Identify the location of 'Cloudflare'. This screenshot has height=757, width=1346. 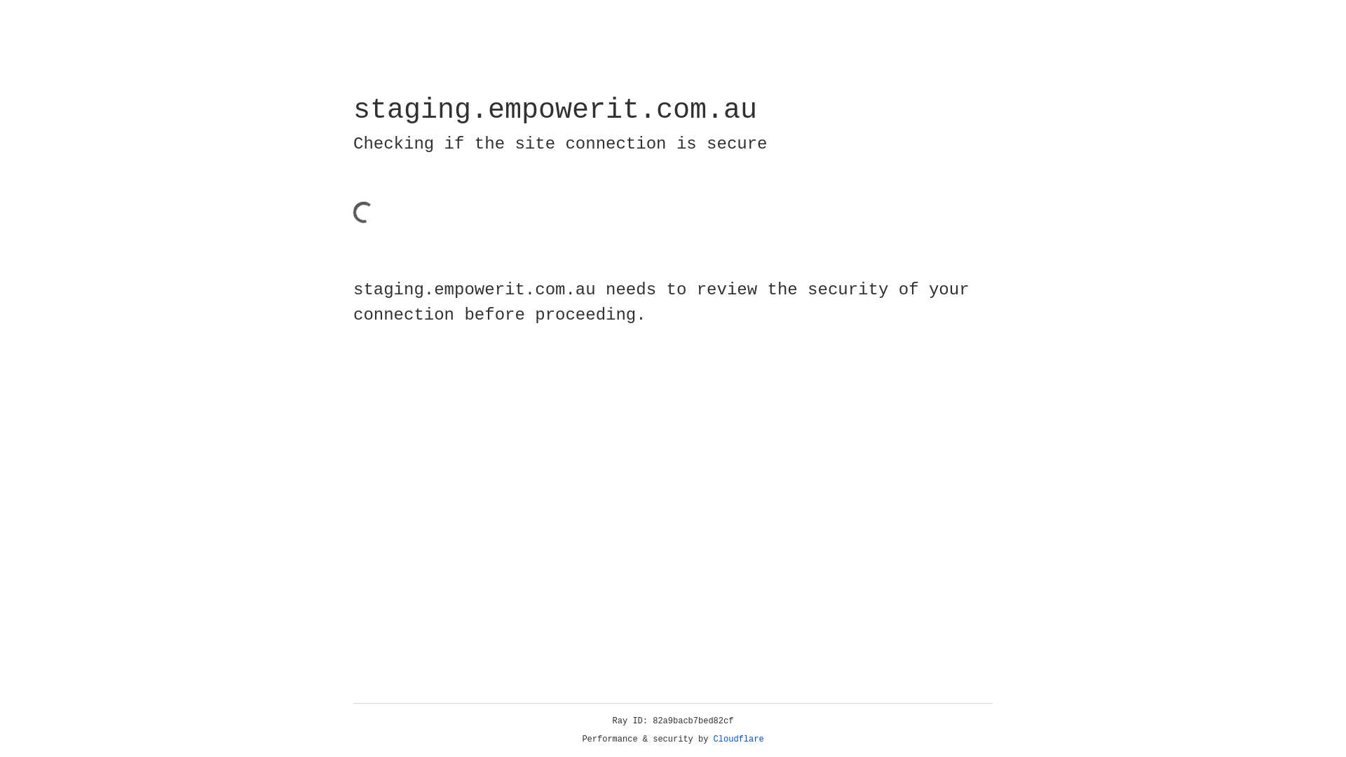
(738, 739).